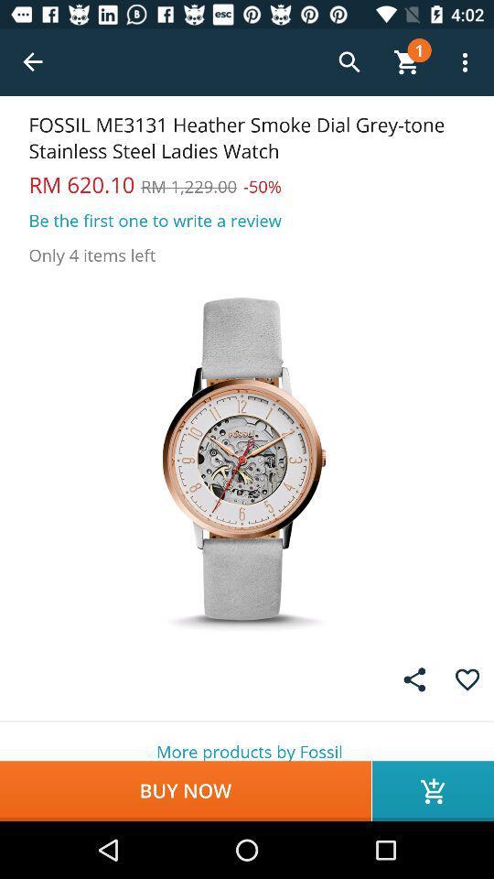 The image size is (494, 879). What do you see at coordinates (414, 678) in the screenshot?
I see `share the product` at bounding box center [414, 678].